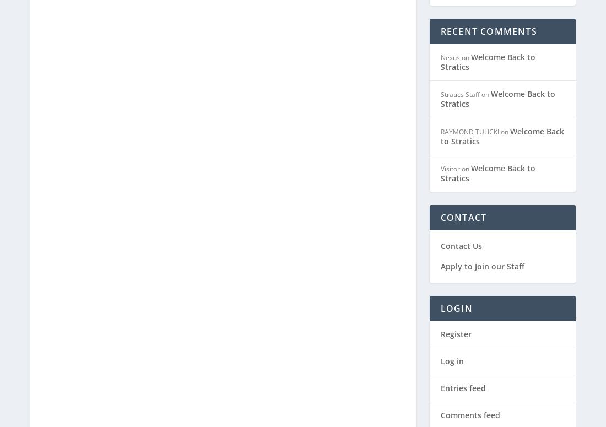 Image resolution: width=606 pixels, height=427 pixels. Describe the element at coordinates (467, 381) in the screenshot. I see `'WordPress.org'` at that location.